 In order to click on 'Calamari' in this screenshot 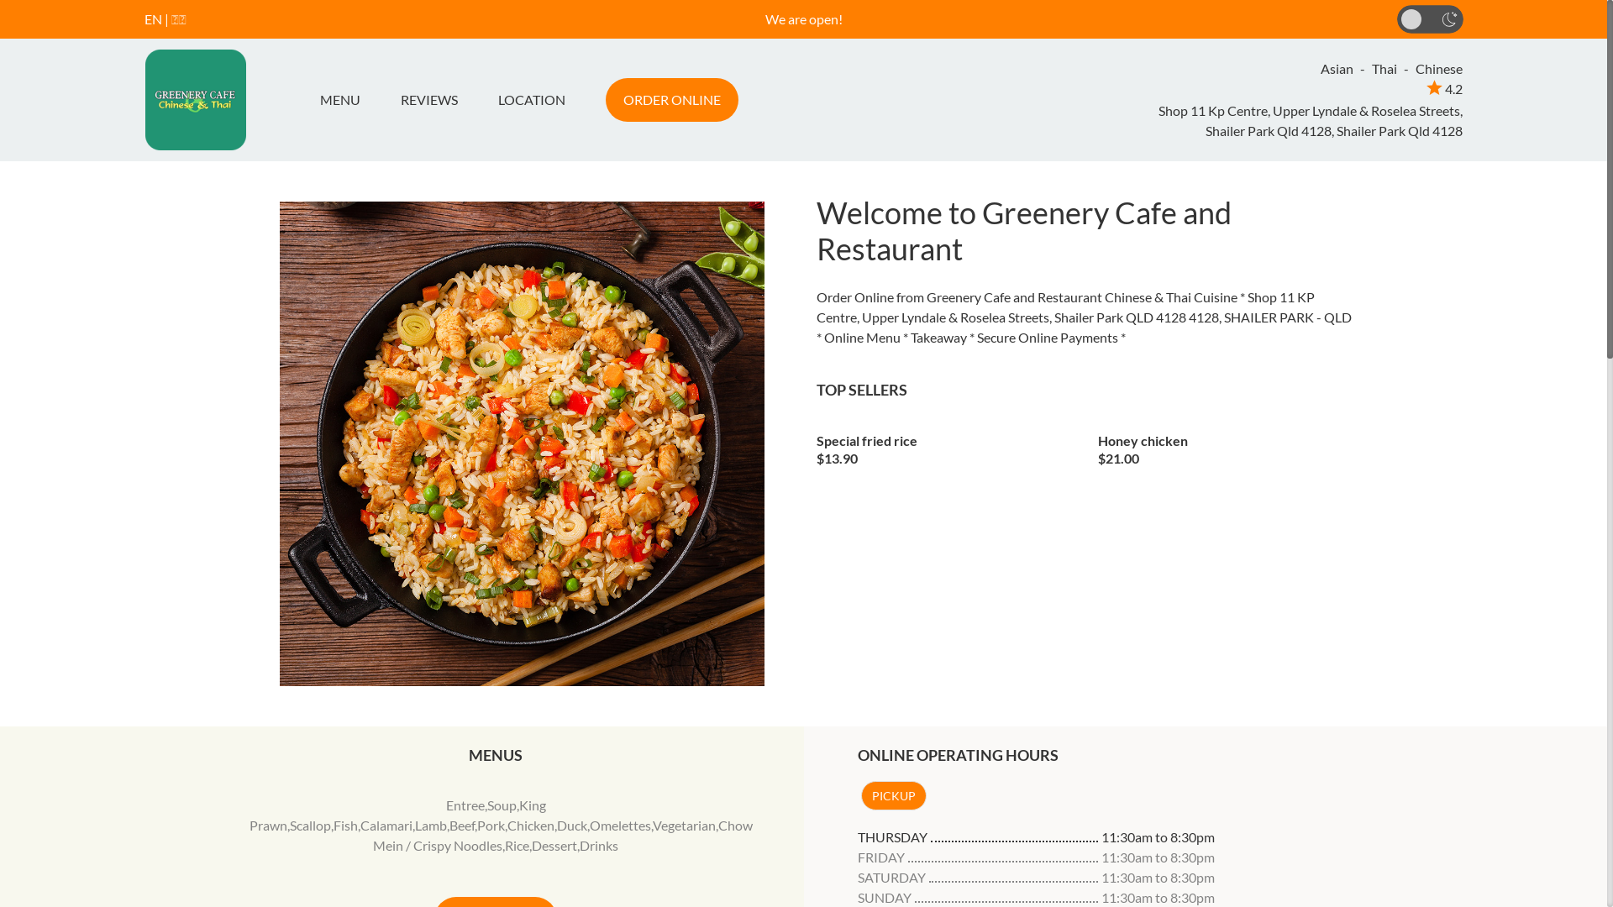, I will do `click(359, 824)`.